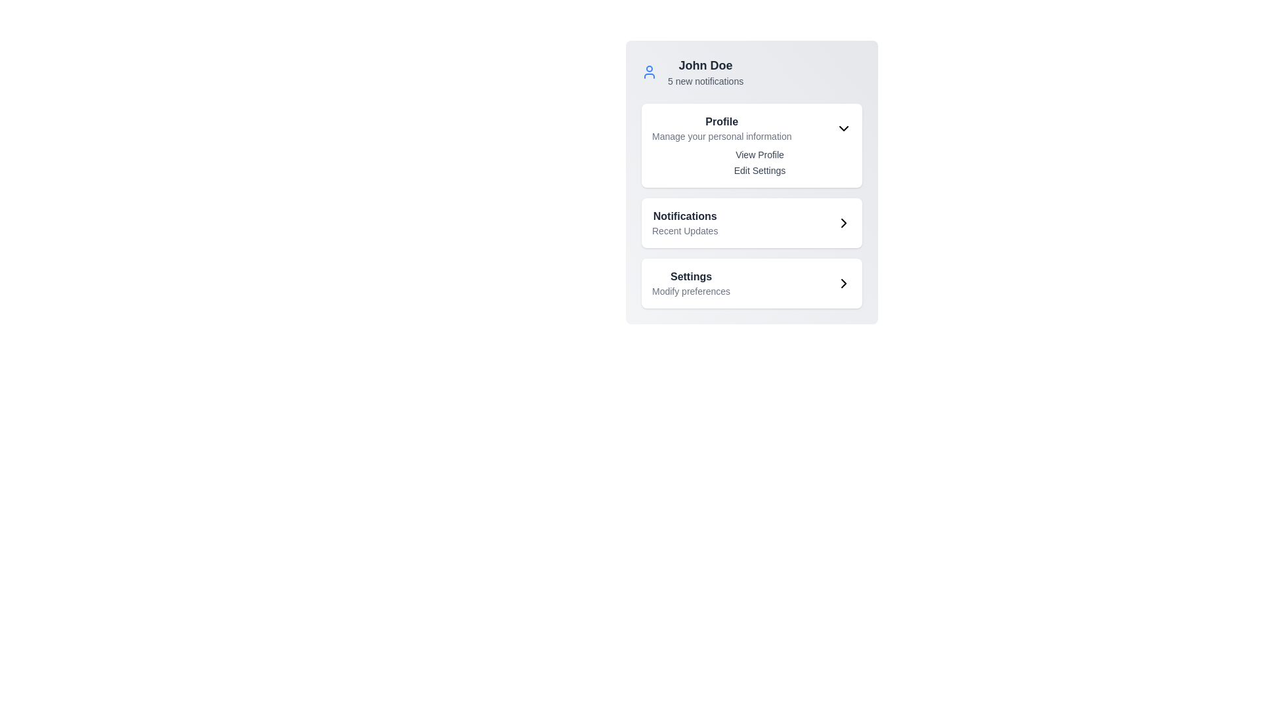  I want to click on the 'View Profile' link in the dropdown section under the 'Profile' header, so click(752, 161).